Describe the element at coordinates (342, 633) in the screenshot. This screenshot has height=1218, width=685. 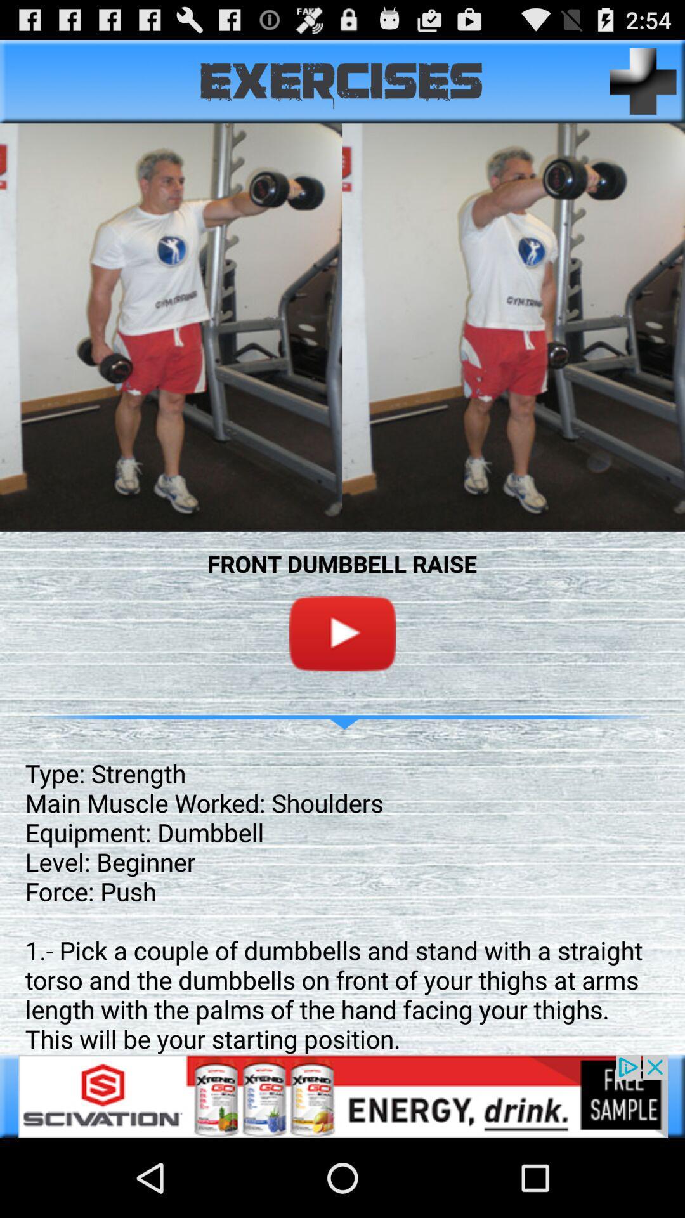
I see `stop` at that location.